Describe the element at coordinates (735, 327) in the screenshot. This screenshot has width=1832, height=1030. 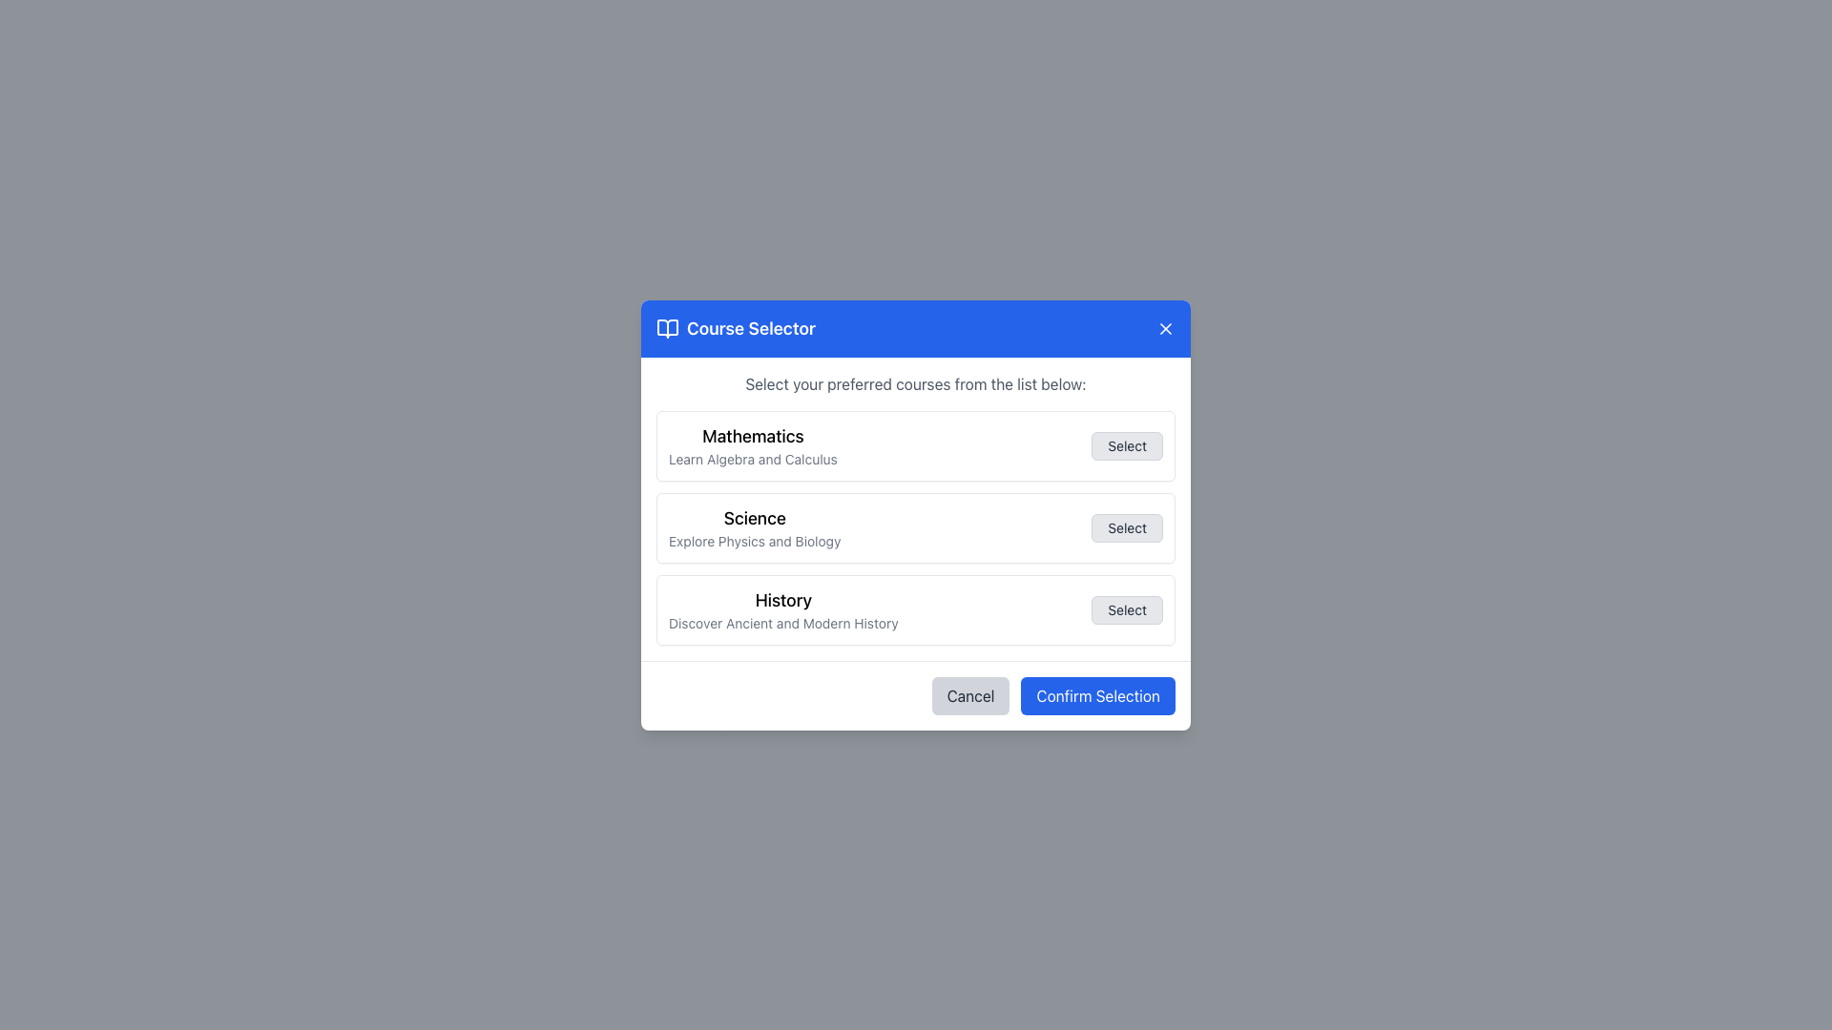
I see `the 'Course Selector' text with icon, which is located at the upper-left section of the modal header with a blue background` at that location.